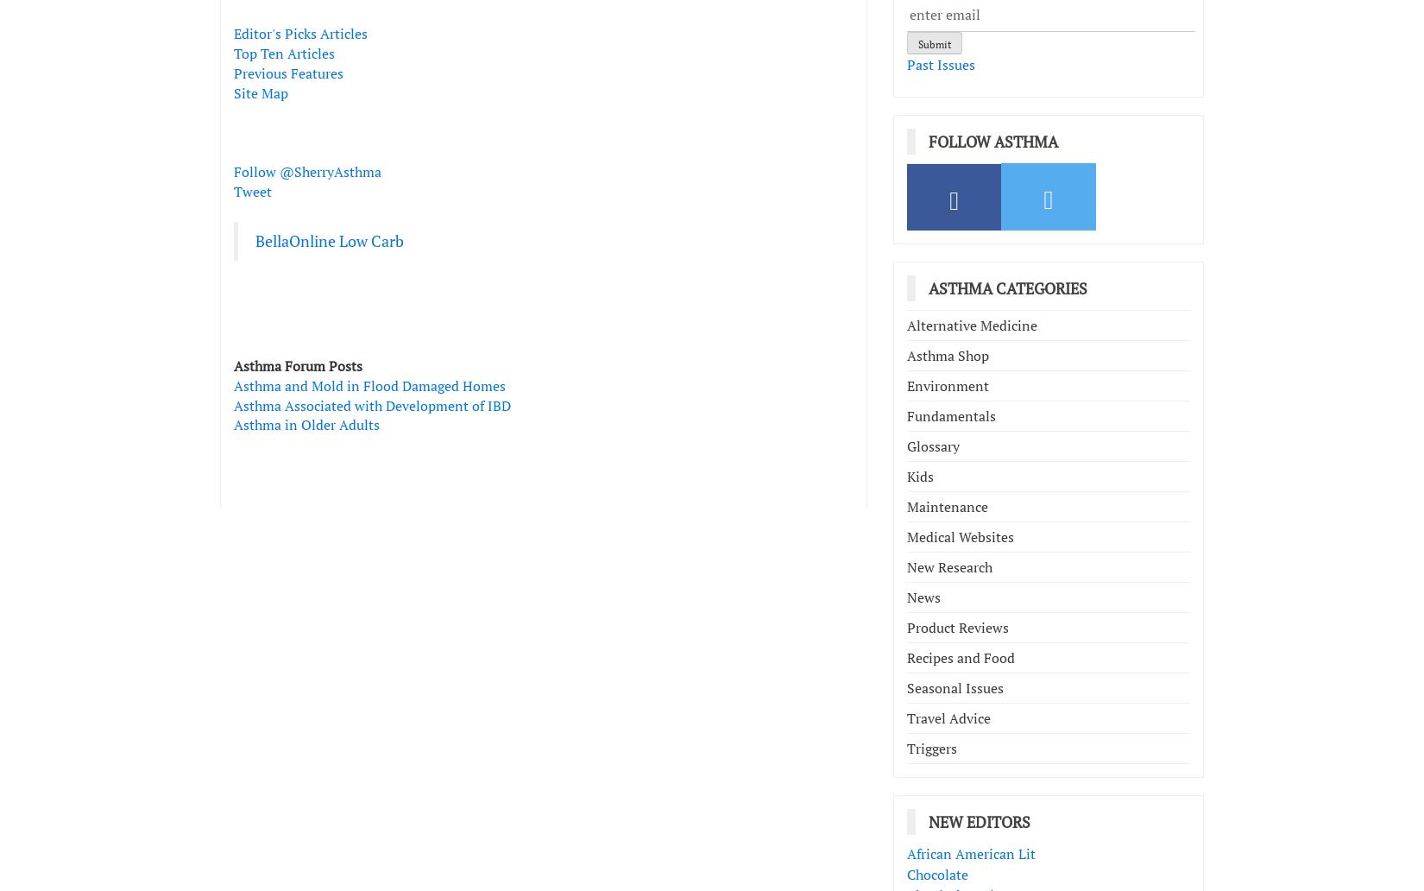 This screenshot has height=891, width=1424. Describe the element at coordinates (980, 821) in the screenshot. I see `'New Editors'` at that location.